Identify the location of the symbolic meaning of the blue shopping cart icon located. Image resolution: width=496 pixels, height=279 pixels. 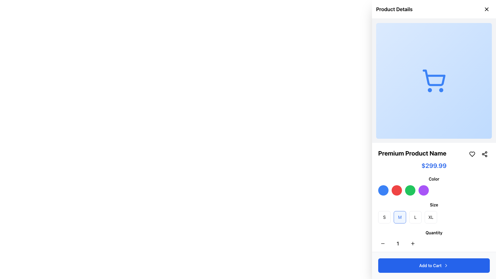
(434, 81).